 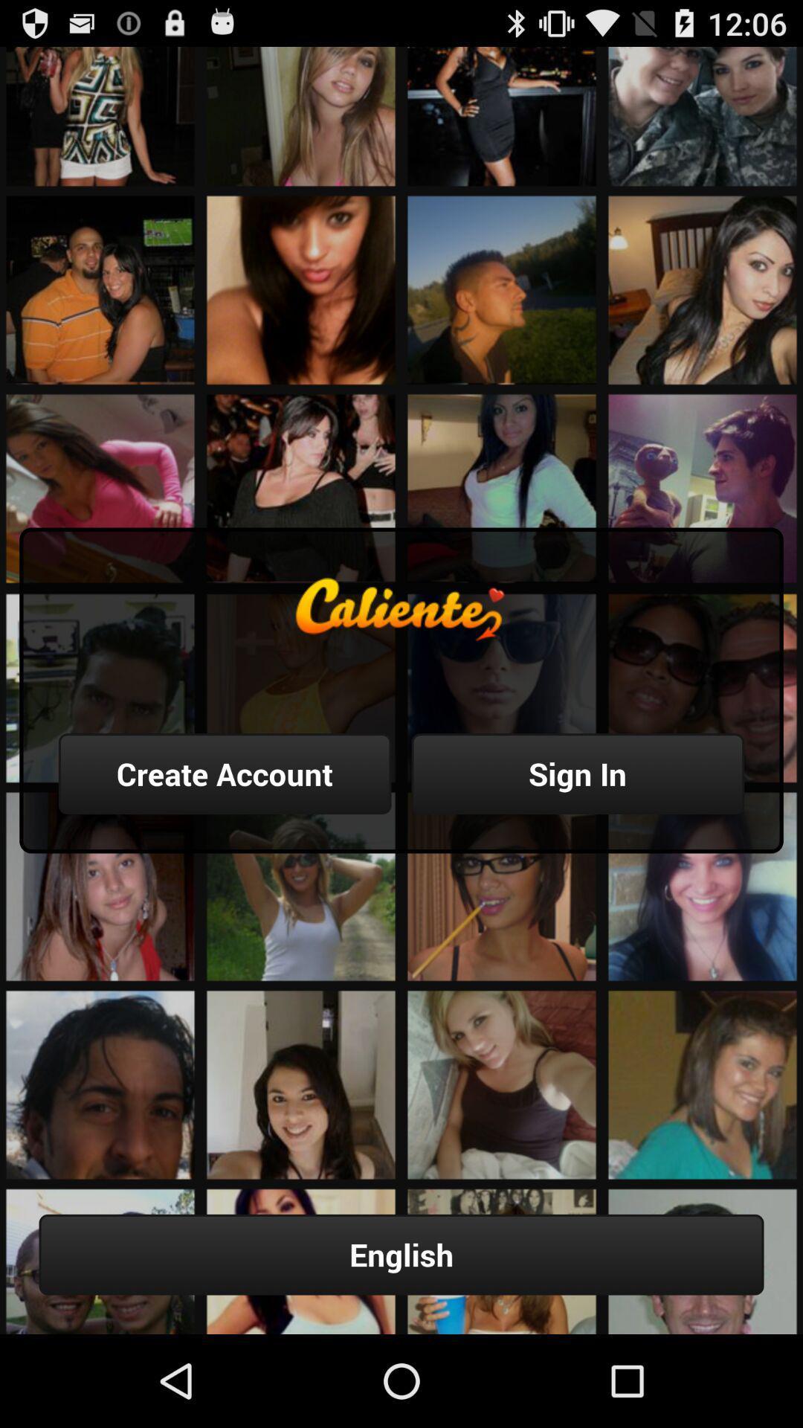 What do you see at coordinates (401, 1254) in the screenshot?
I see `button at the bottom` at bounding box center [401, 1254].